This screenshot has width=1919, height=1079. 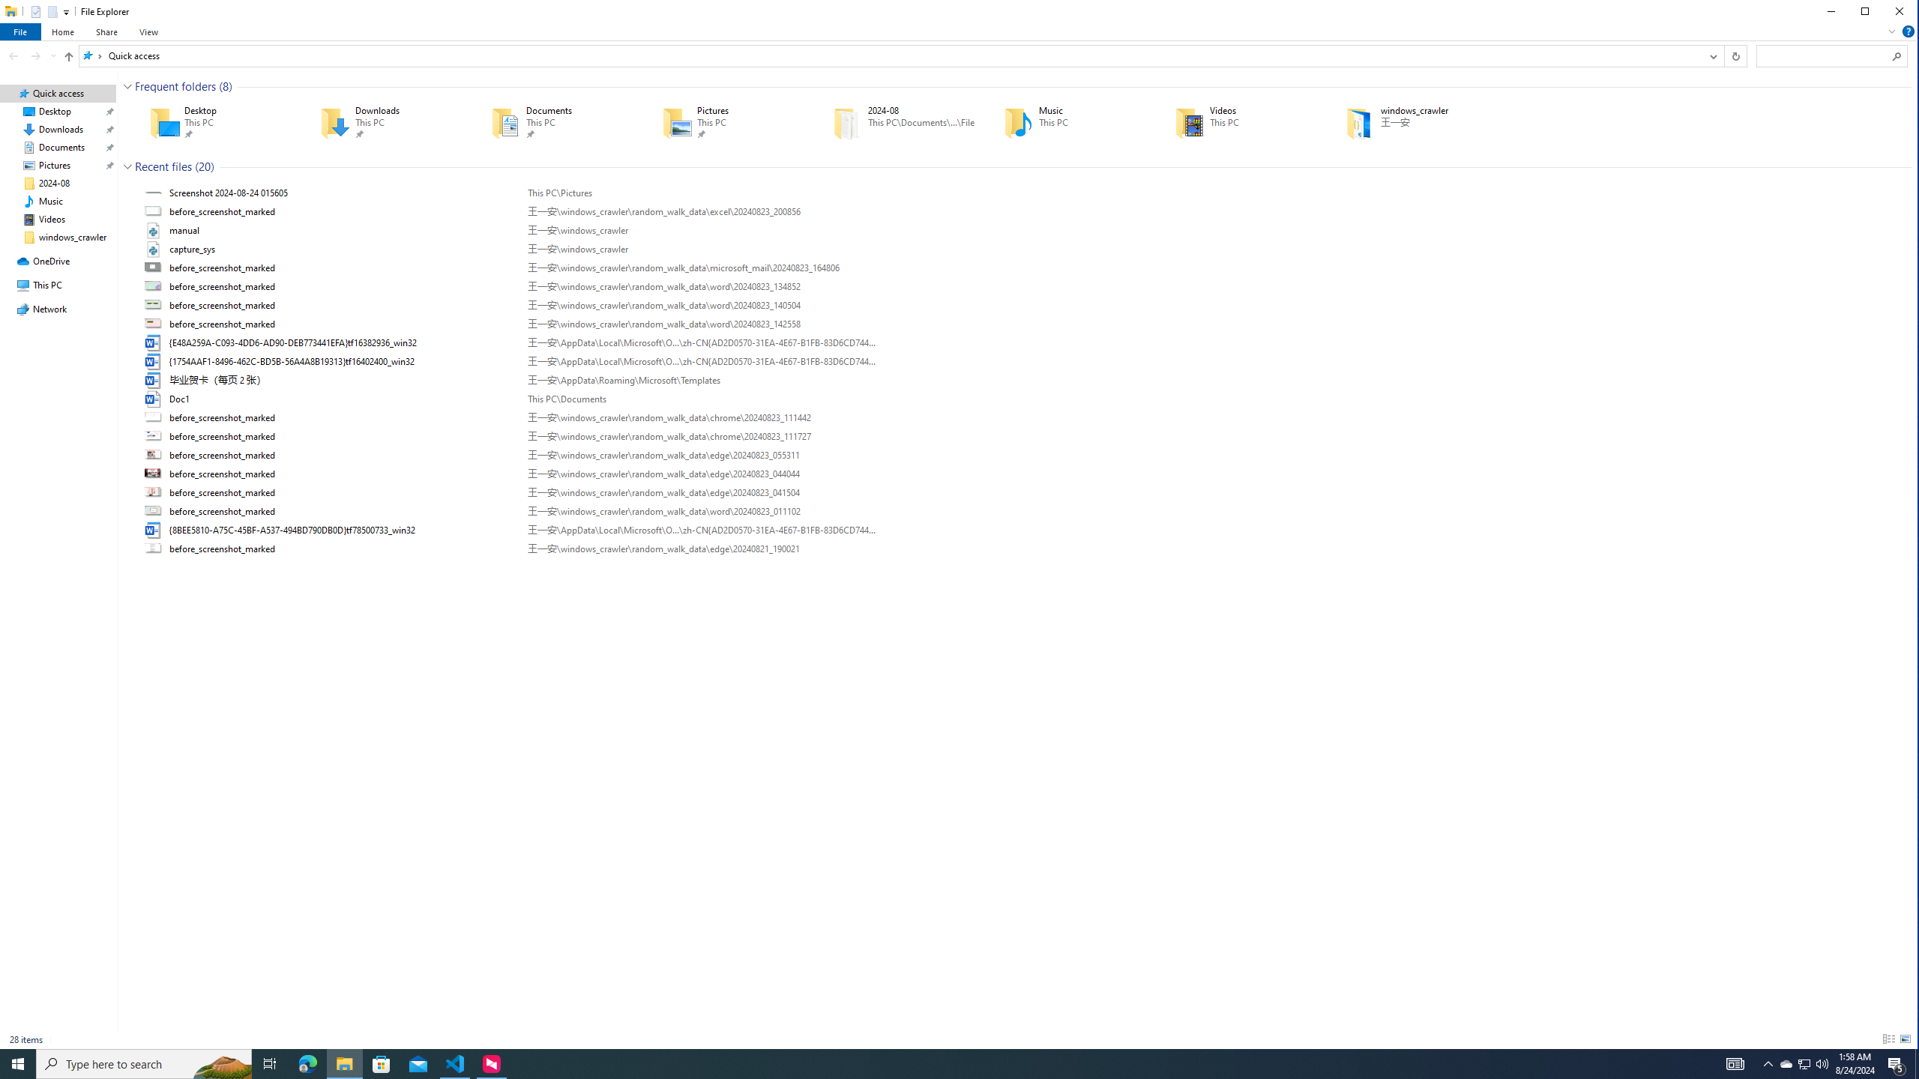 What do you see at coordinates (65, 11) in the screenshot?
I see `'Customize Quick Access Toolbar'` at bounding box center [65, 11].